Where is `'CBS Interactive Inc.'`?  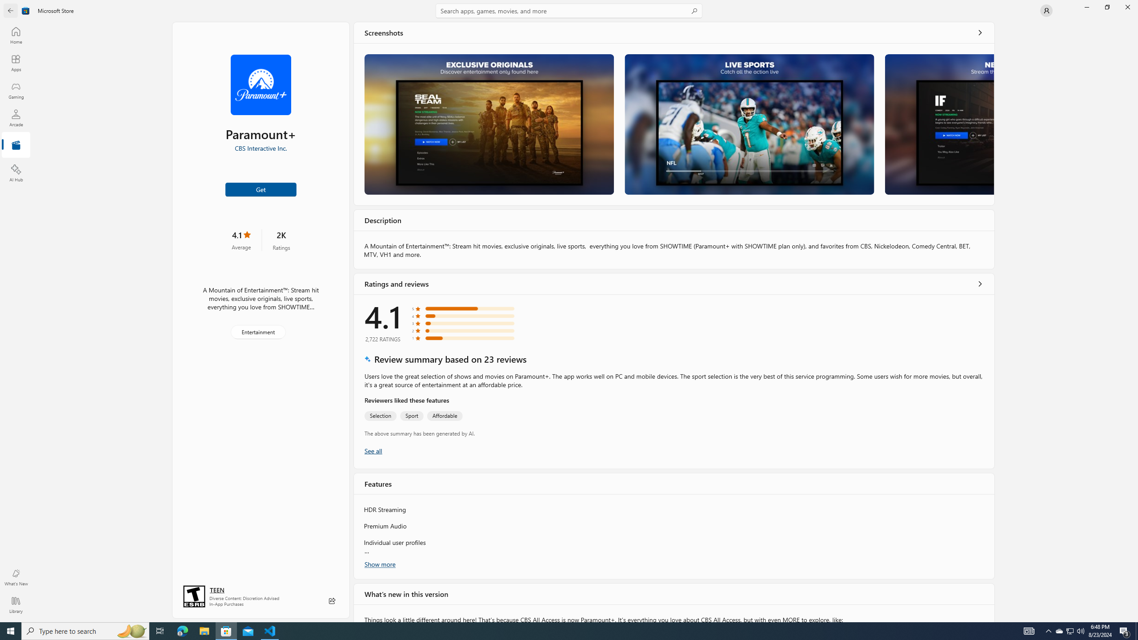
'CBS Interactive Inc.' is located at coordinates (260, 148).